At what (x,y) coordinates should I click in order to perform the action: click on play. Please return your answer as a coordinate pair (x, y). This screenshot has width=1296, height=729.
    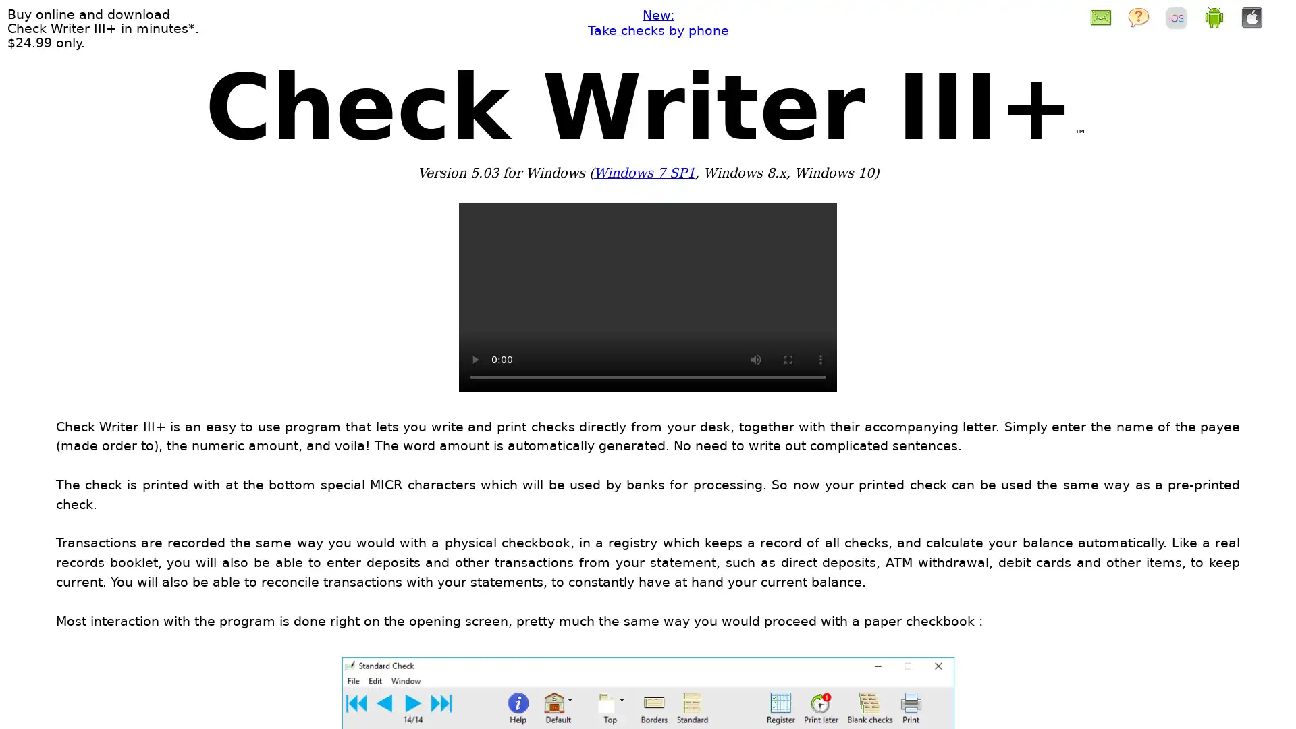
    Looking at the image, I should click on (475, 358).